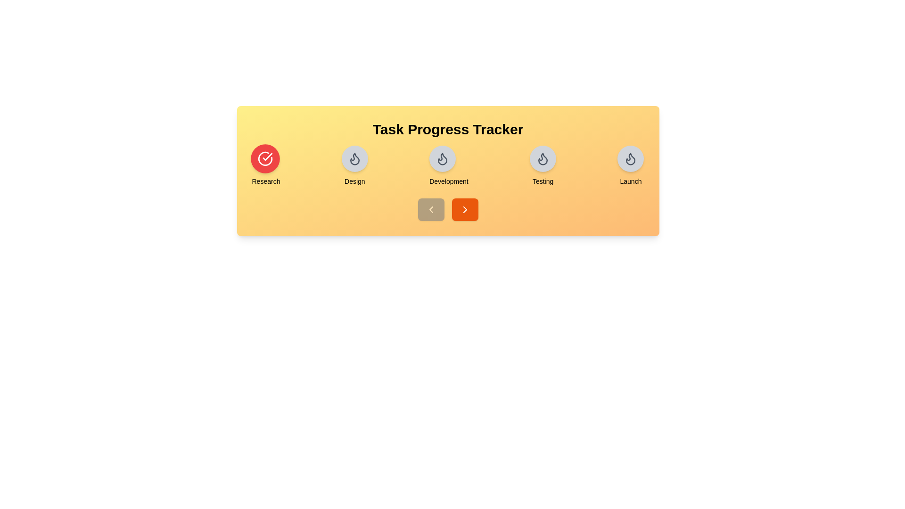 The height and width of the screenshot is (509, 905). Describe the element at coordinates (448, 181) in the screenshot. I see `the 'Development' stage text label located under the third circular gray icon in the task progress tracker interface` at that location.